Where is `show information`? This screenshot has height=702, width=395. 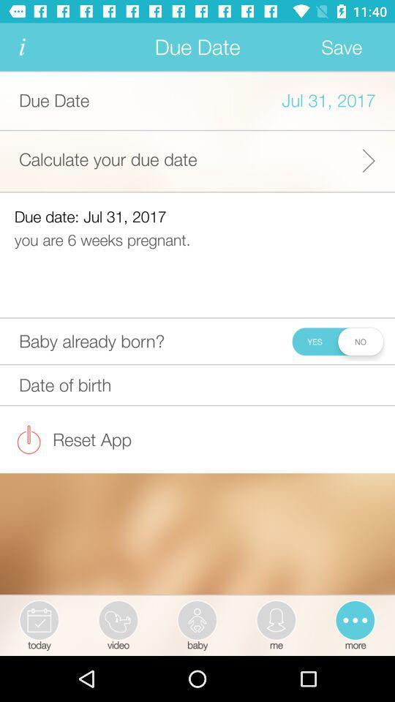
show information is located at coordinates (21, 47).